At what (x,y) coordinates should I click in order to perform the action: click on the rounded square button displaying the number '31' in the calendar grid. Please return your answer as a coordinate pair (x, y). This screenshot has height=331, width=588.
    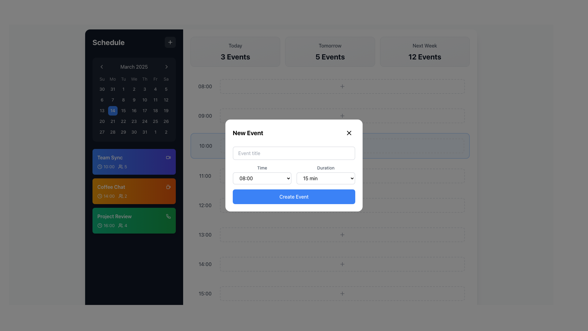
    Looking at the image, I should click on (113, 89).